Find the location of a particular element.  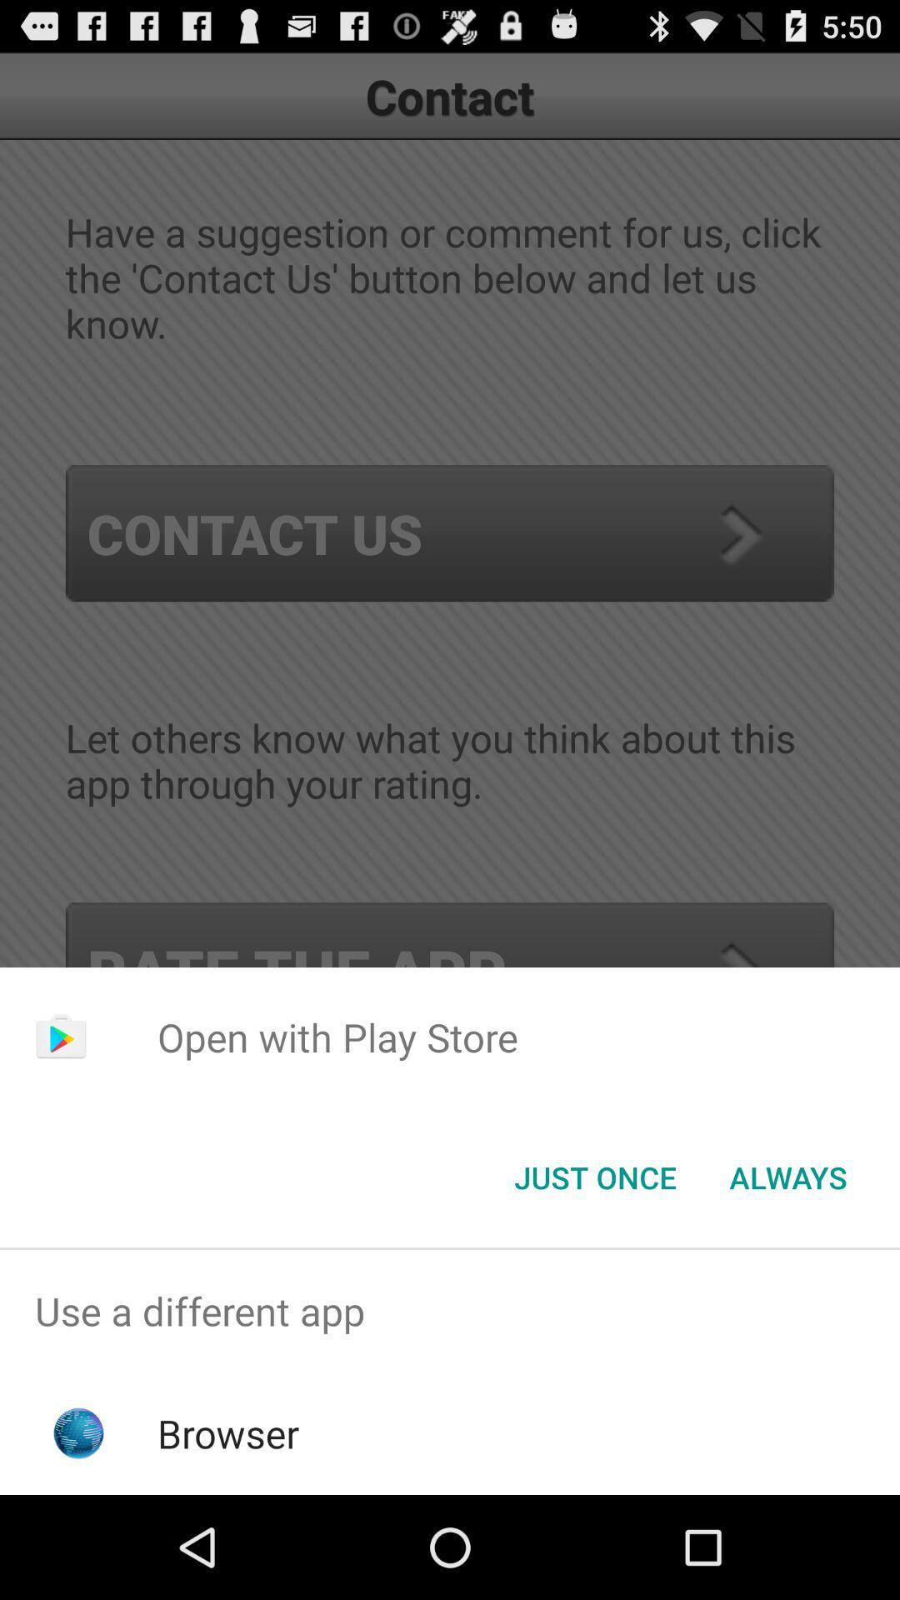

just once button is located at coordinates (594, 1176).